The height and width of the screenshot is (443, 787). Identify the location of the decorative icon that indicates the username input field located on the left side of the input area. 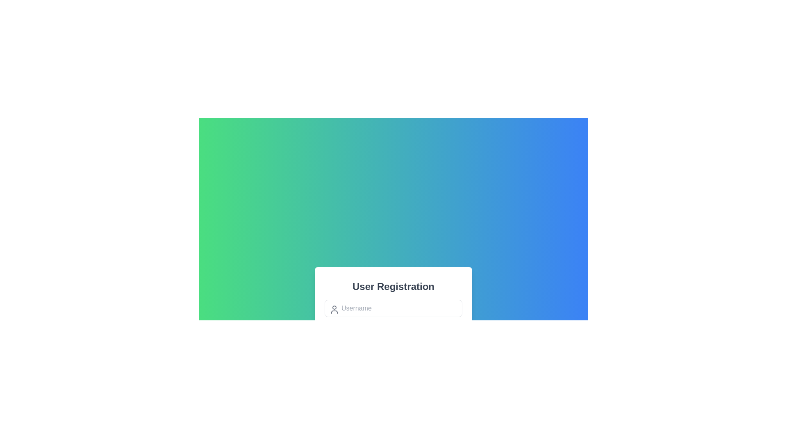
(334, 309).